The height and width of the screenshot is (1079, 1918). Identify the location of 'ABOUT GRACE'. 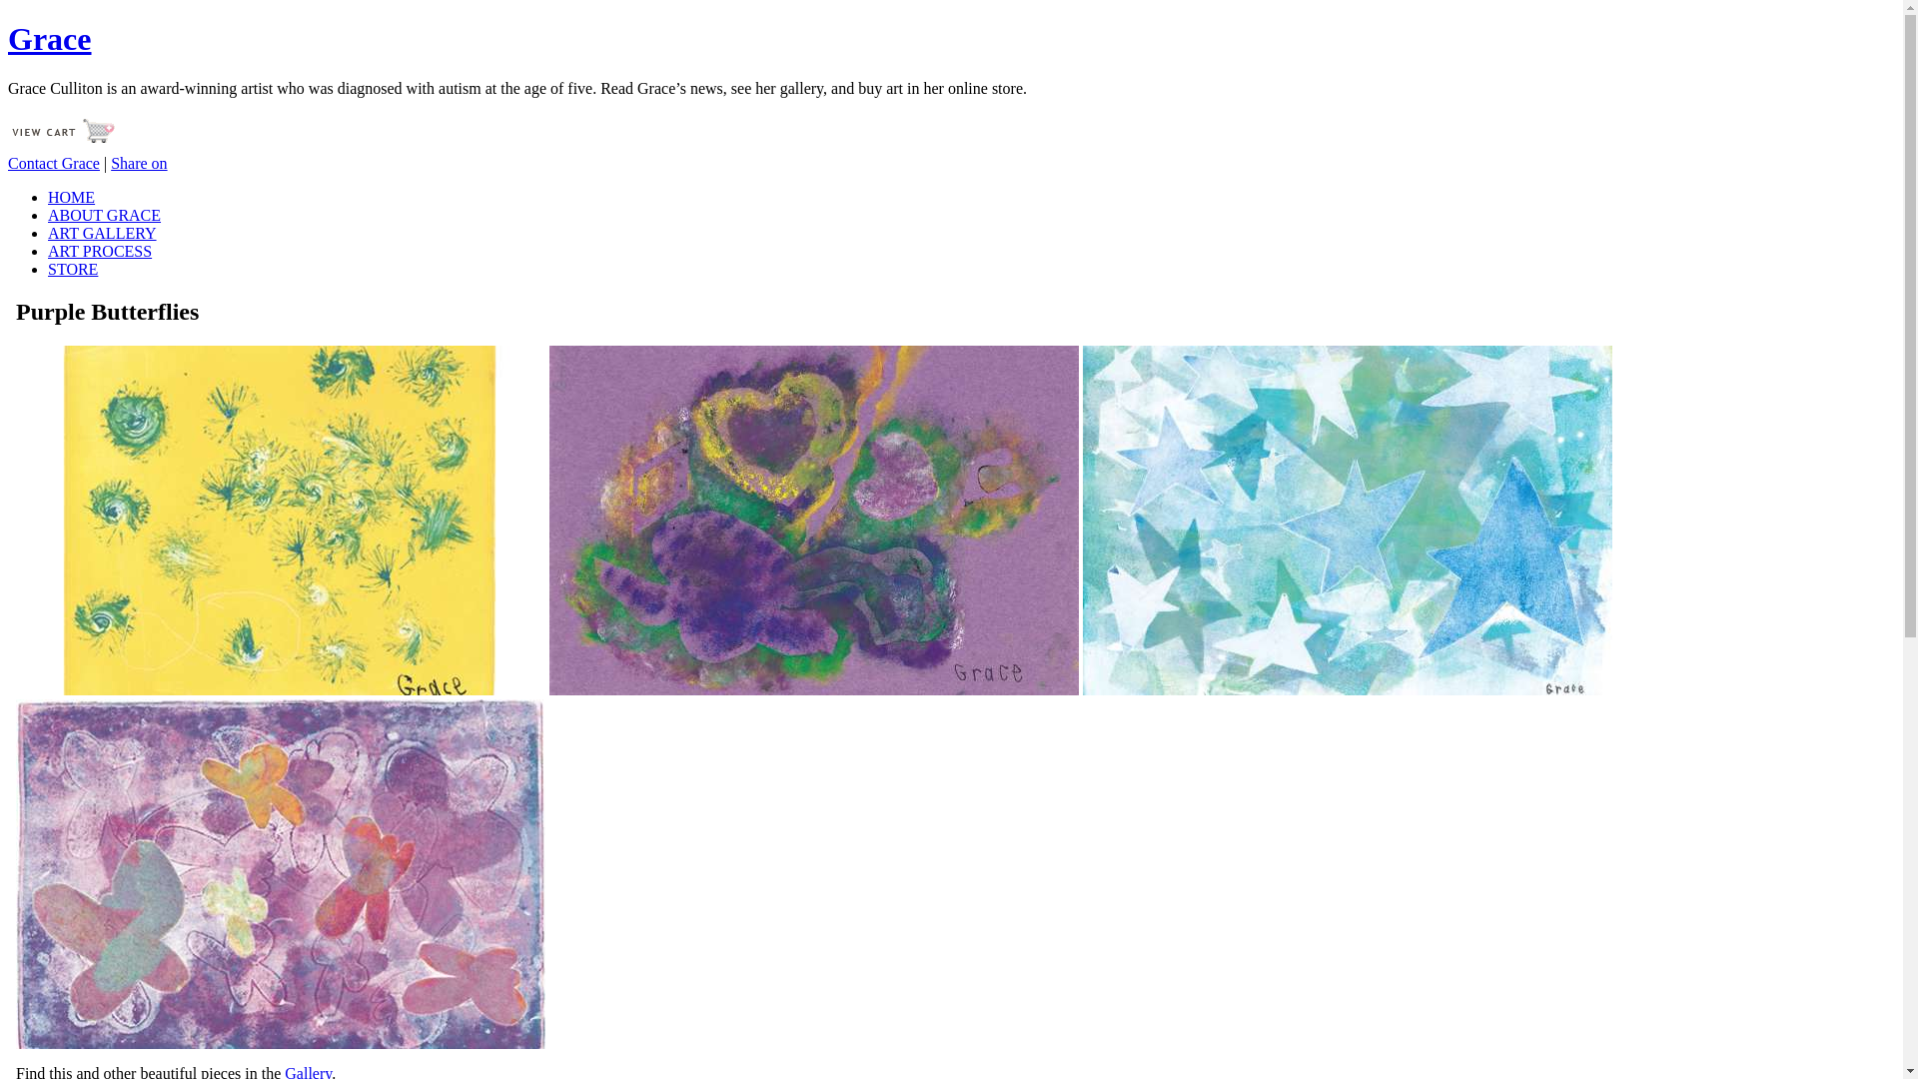
(103, 215).